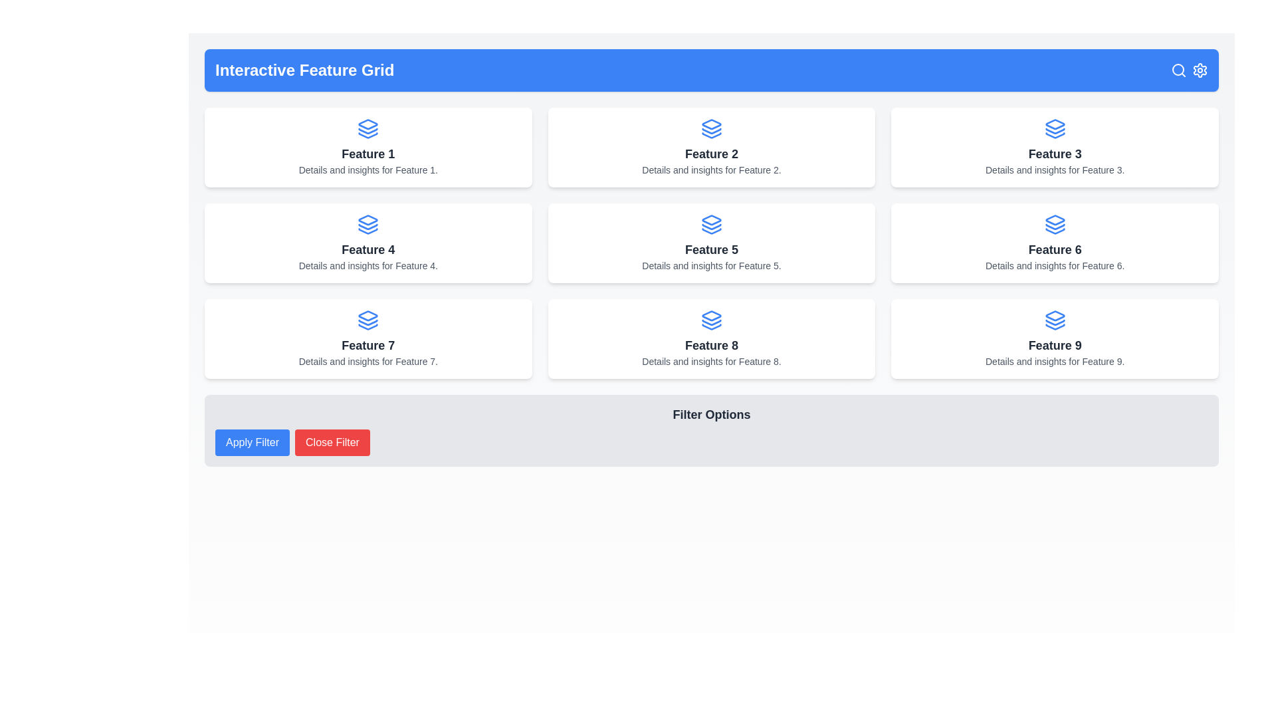 This screenshot has width=1276, height=718. Describe the element at coordinates (368, 322) in the screenshot. I see `properties of the second layer of the 'layers' icon, which is blue and located in the center of the 'Feature 7' card` at that location.